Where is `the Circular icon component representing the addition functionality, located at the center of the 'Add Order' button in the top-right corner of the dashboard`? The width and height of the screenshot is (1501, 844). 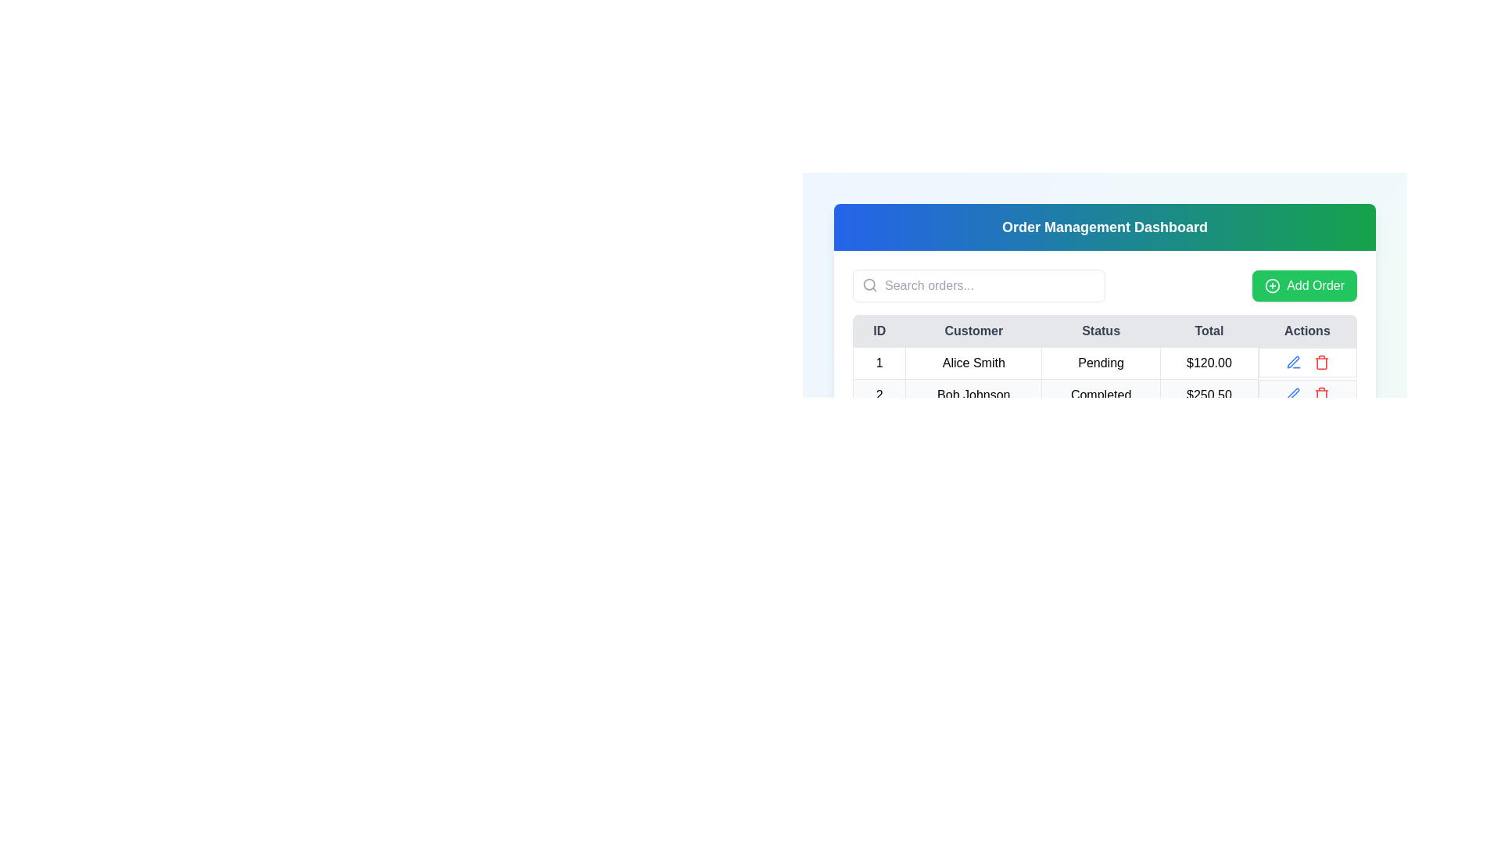
the Circular icon component representing the addition functionality, located at the center of the 'Add Order' button in the top-right corner of the dashboard is located at coordinates (1273, 286).